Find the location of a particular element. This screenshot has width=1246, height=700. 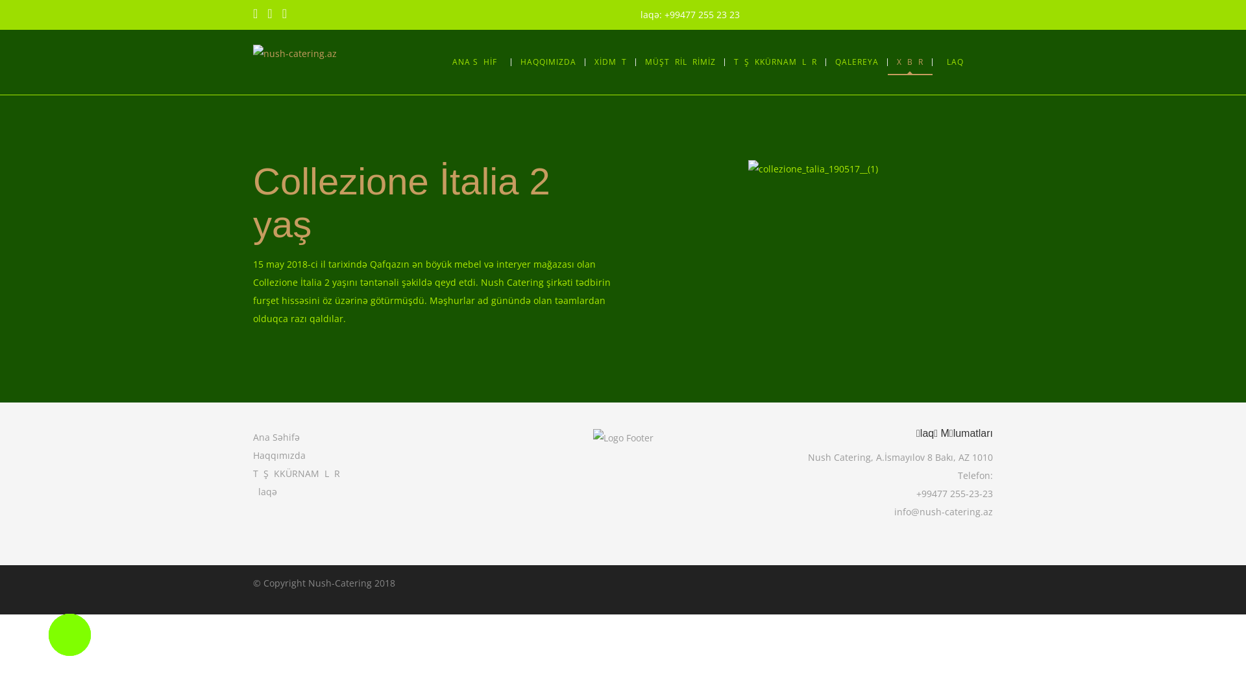

'collezione_talia_190517__(1)' is located at coordinates (748, 169).